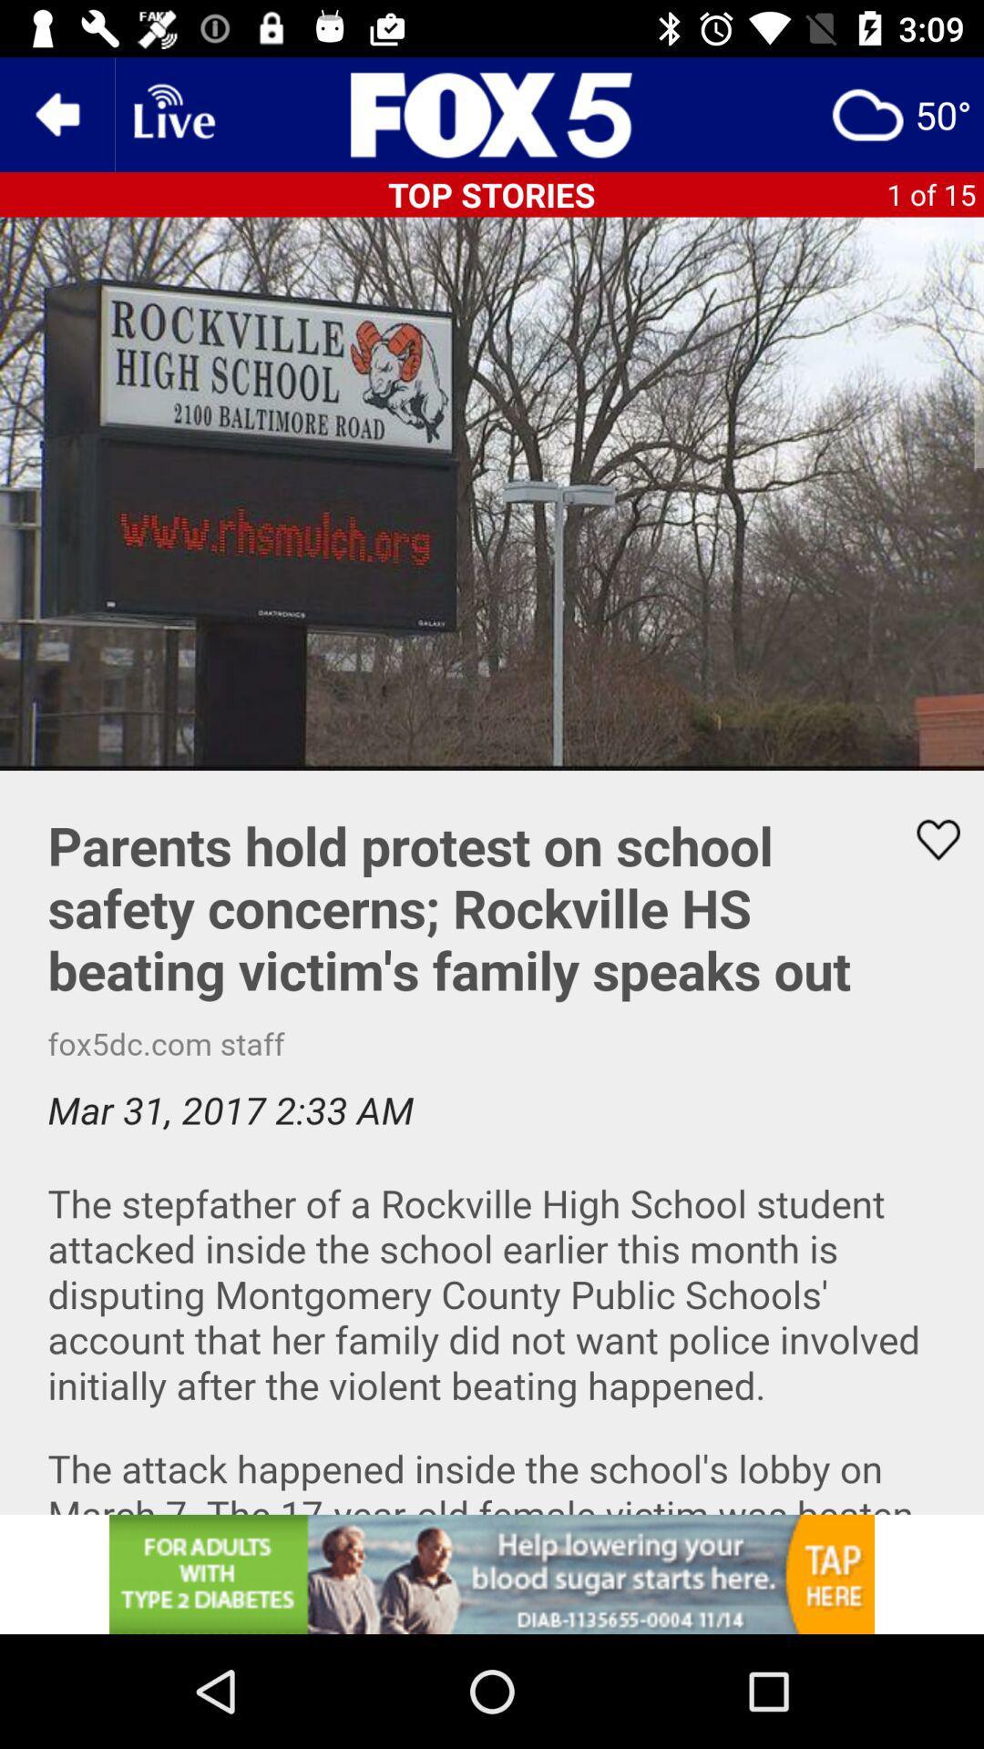 This screenshot has width=984, height=1749. Describe the element at coordinates (492, 1141) in the screenshot. I see `video detail sentions` at that location.